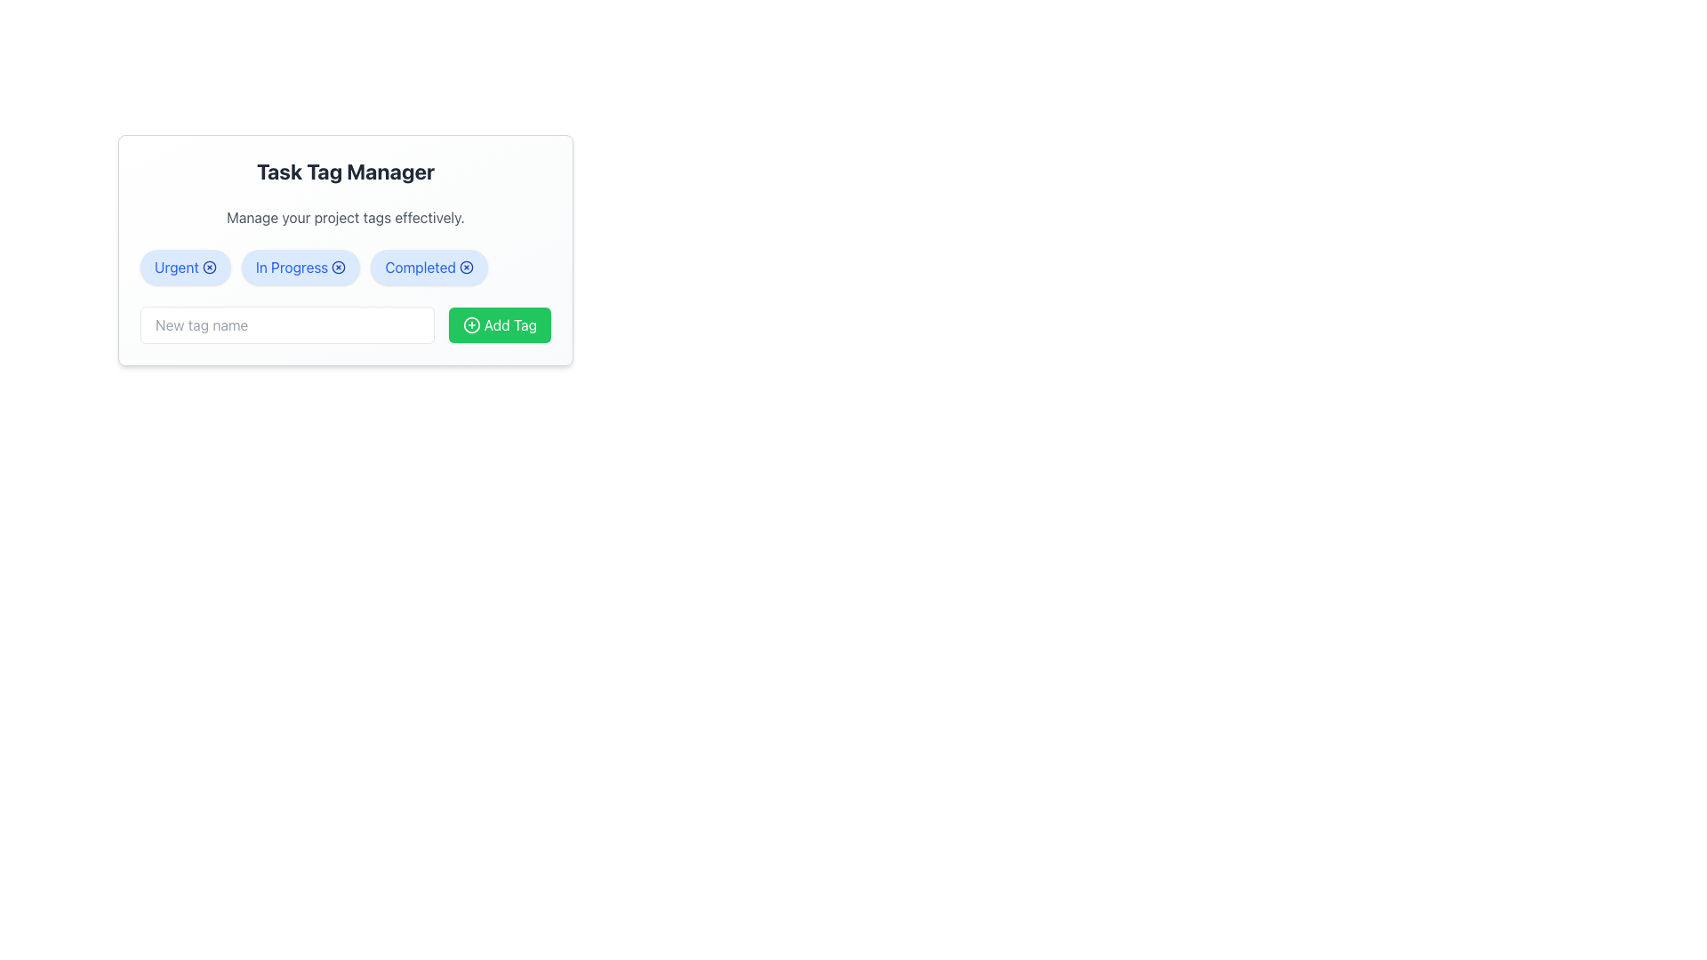 The height and width of the screenshot is (960, 1707). Describe the element at coordinates (339, 267) in the screenshot. I see `the blue circular icon with a cross inside, which is located in the central area of the interface, aligned with the 'In Progress' tag` at that location.